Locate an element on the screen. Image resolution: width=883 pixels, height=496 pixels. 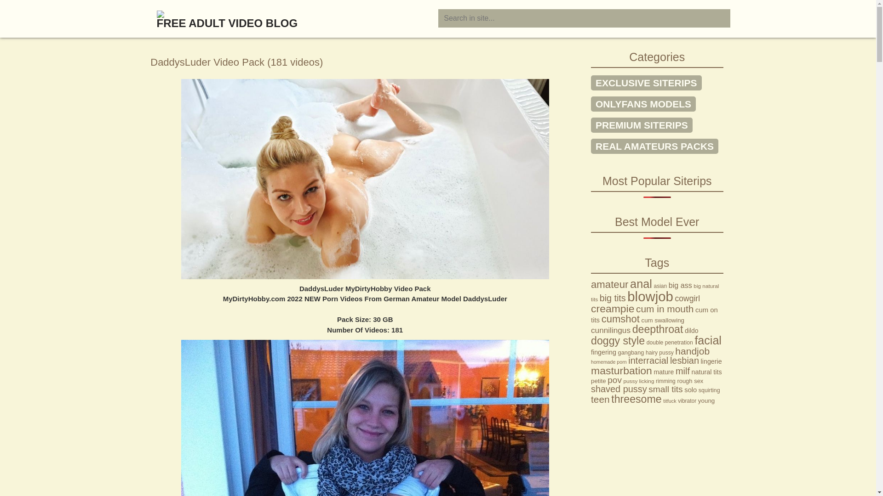
'hairy pussy' is located at coordinates (659, 352).